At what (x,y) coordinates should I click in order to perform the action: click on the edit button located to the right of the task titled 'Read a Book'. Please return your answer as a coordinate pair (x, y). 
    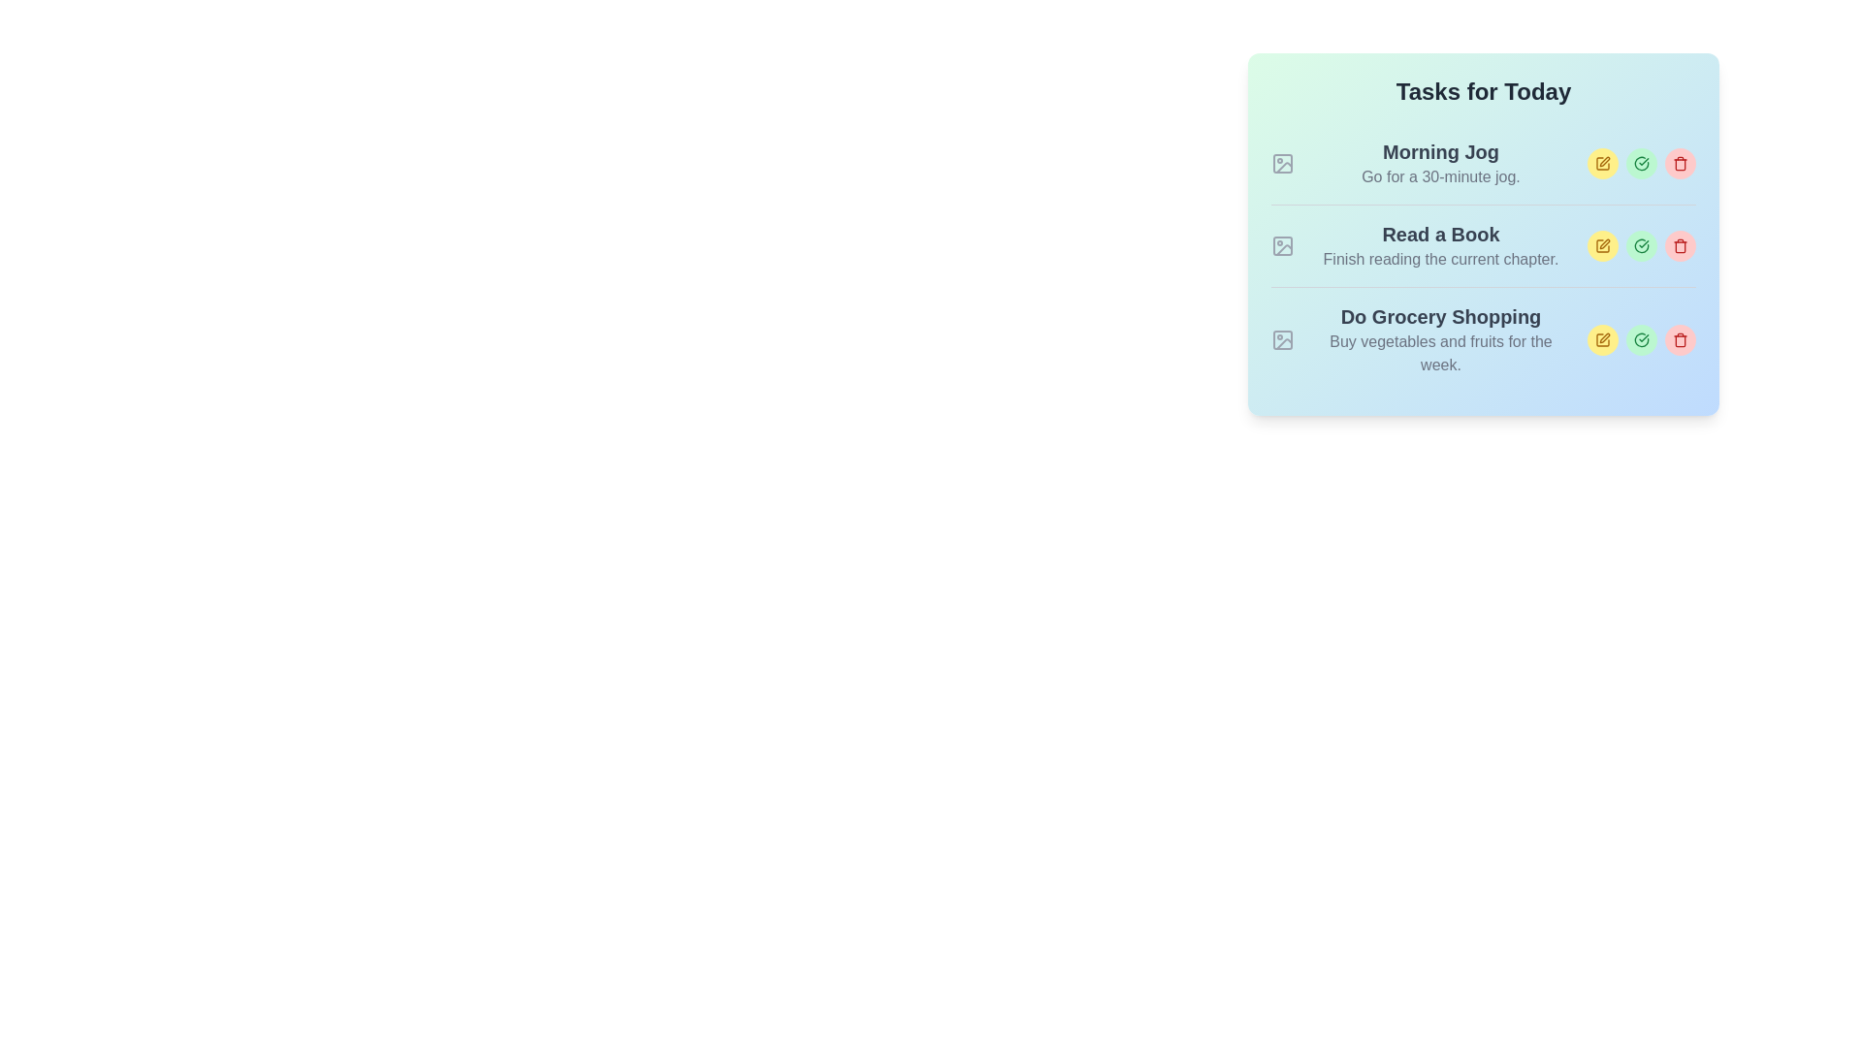
    Looking at the image, I should click on (1602, 245).